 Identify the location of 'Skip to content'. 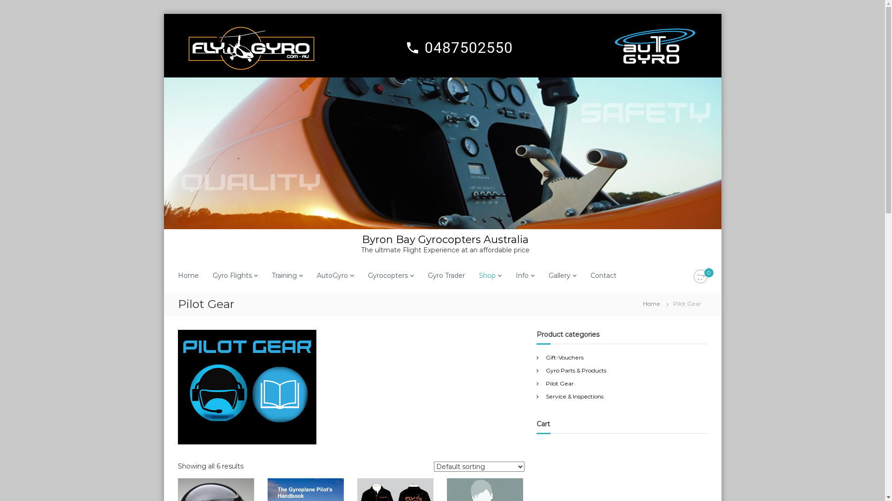
(164, 13).